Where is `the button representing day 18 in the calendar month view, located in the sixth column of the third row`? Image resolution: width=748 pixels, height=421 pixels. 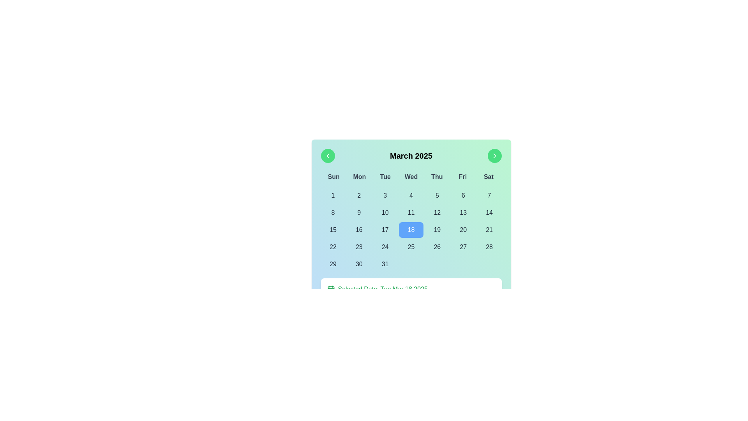
the button representing day 18 in the calendar month view, located in the sixth column of the third row is located at coordinates (411, 230).